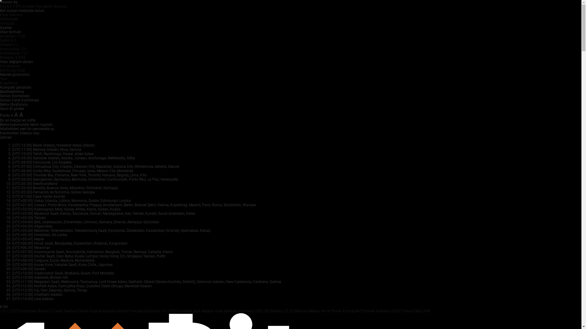  I want to click on 'Svenska', so click(382, 311).